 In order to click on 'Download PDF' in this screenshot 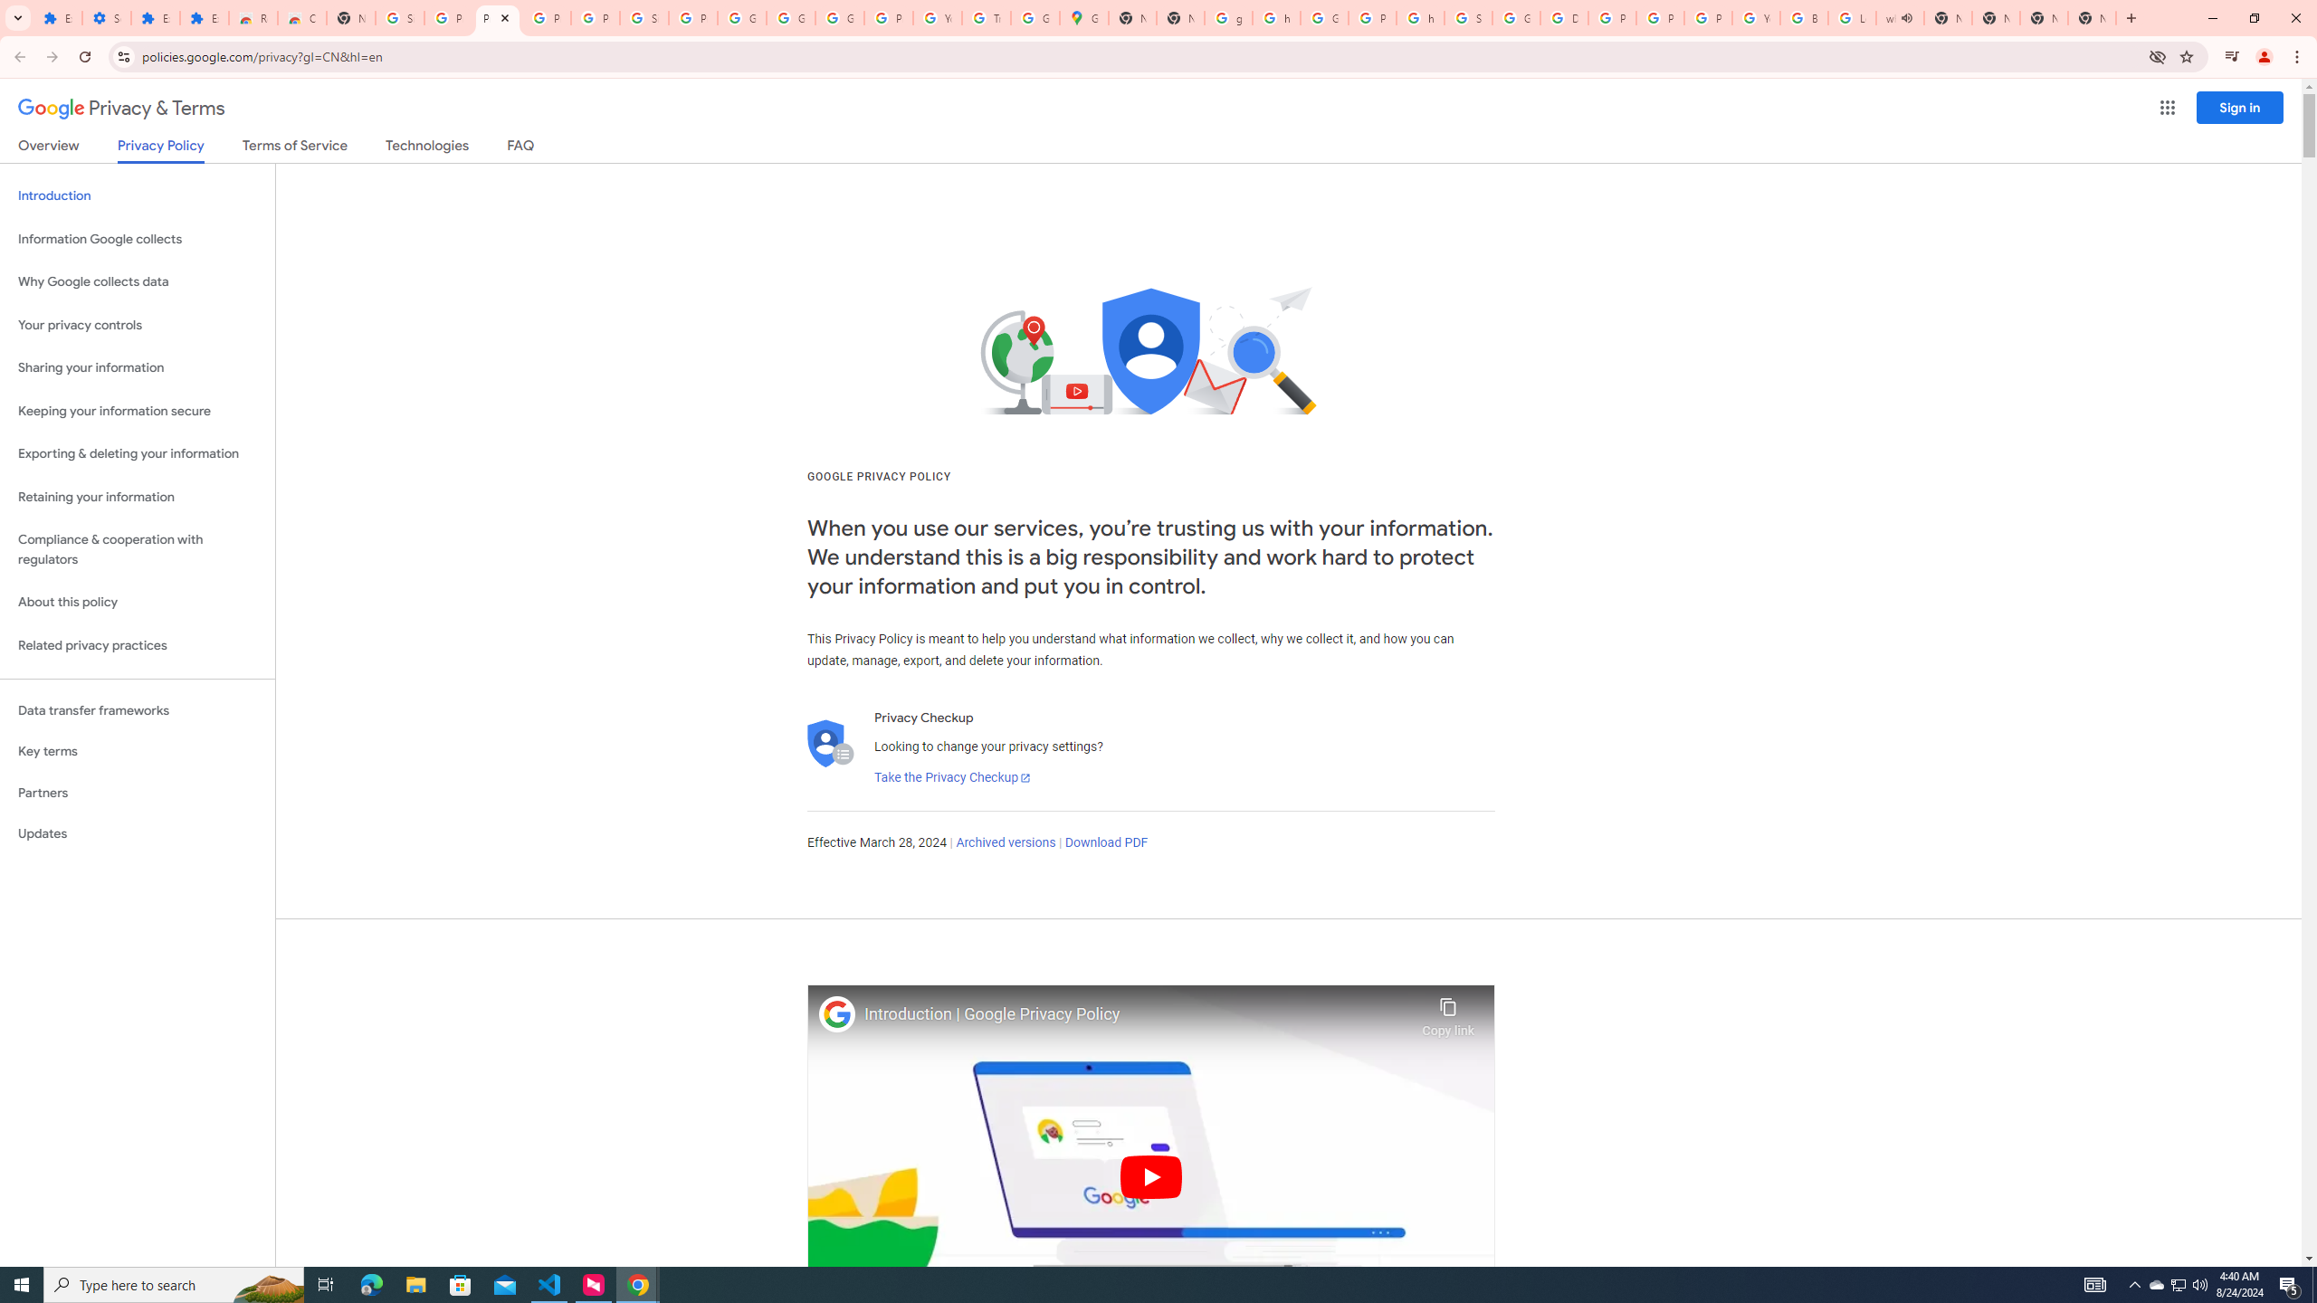, I will do `click(1106, 842)`.